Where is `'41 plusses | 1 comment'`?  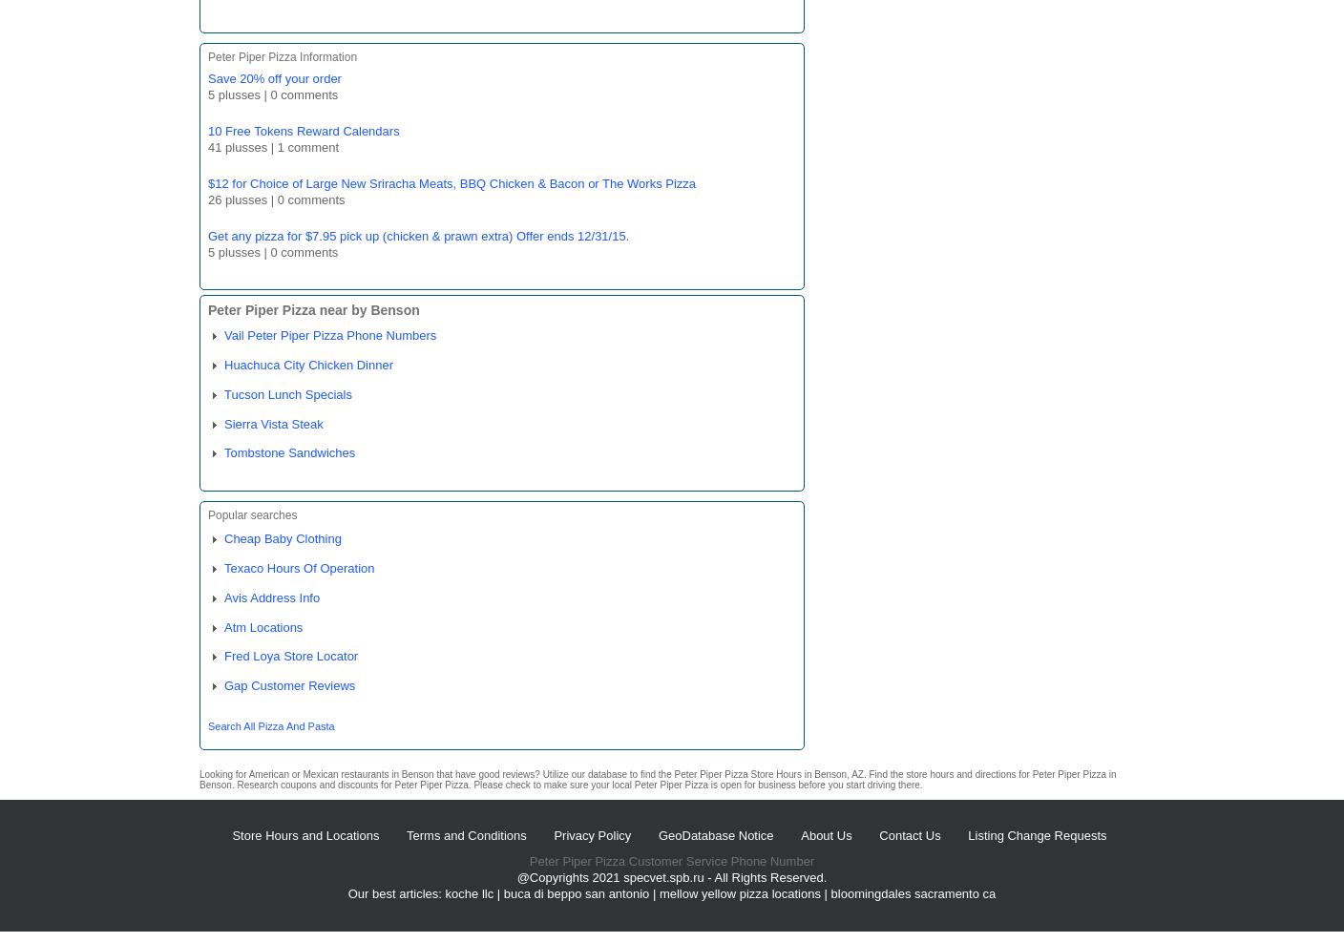
'41 plusses | 1 comment' is located at coordinates (206, 145).